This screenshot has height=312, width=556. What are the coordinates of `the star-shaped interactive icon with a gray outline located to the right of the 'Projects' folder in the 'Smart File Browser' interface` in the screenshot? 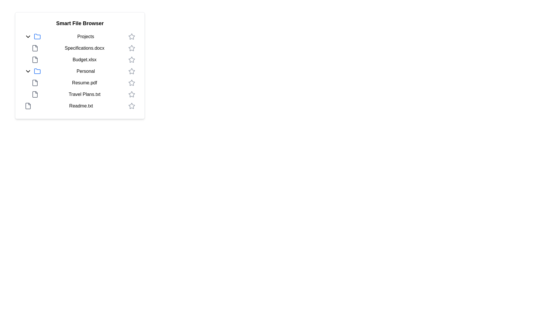 It's located at (131, 36).